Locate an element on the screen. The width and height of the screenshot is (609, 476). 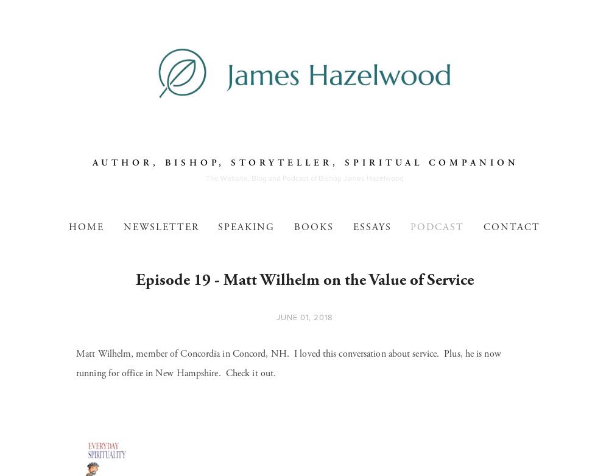
'Author, Bishop, Storyteller, Spiritual Companion' is located at coordinates (305, 162).